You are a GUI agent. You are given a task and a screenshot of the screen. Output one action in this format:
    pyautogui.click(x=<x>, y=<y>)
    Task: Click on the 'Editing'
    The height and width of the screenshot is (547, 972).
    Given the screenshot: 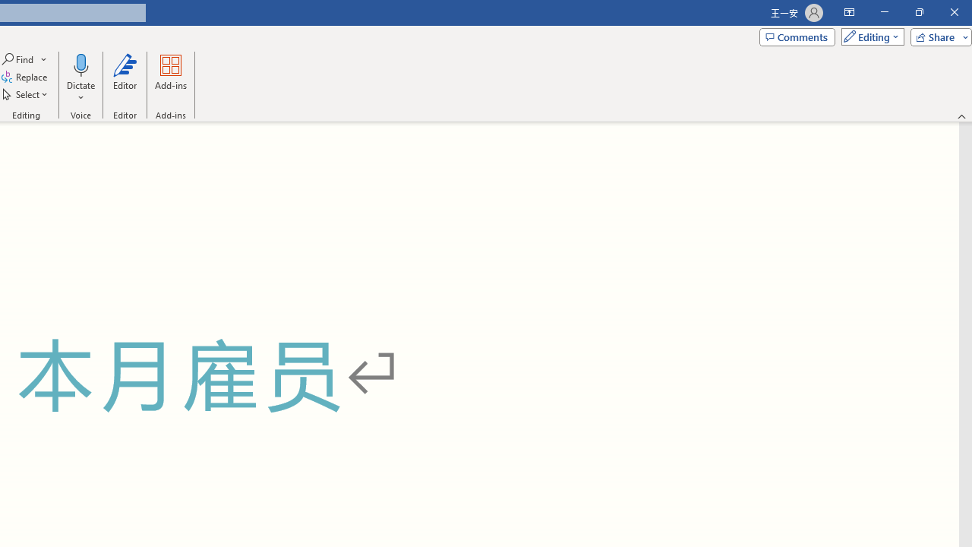 What is the action you would take?
    pyautogui.click(x=869, y=36)
    